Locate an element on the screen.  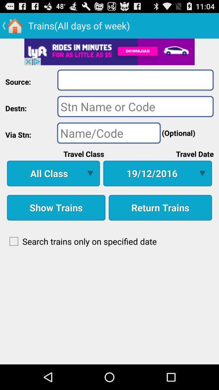
destination box is located at coordinates (135, 106).